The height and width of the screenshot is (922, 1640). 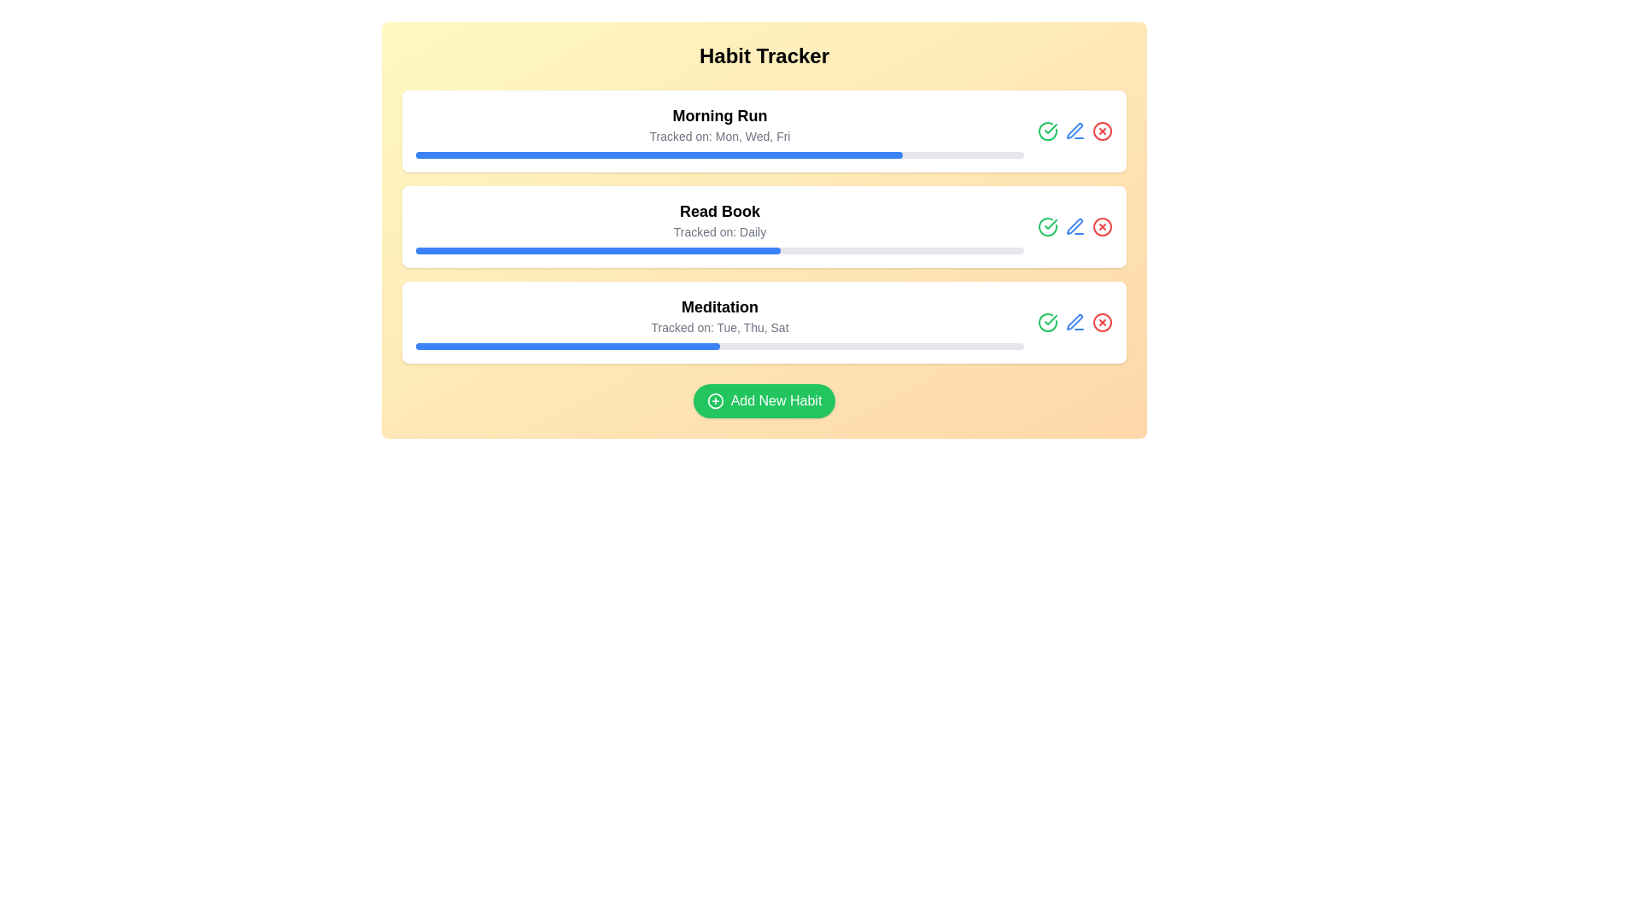 I want to click on the checkmark icon located to the right of the 'Read Book' habit task to confirm completion, so click(x=1050, y=127).